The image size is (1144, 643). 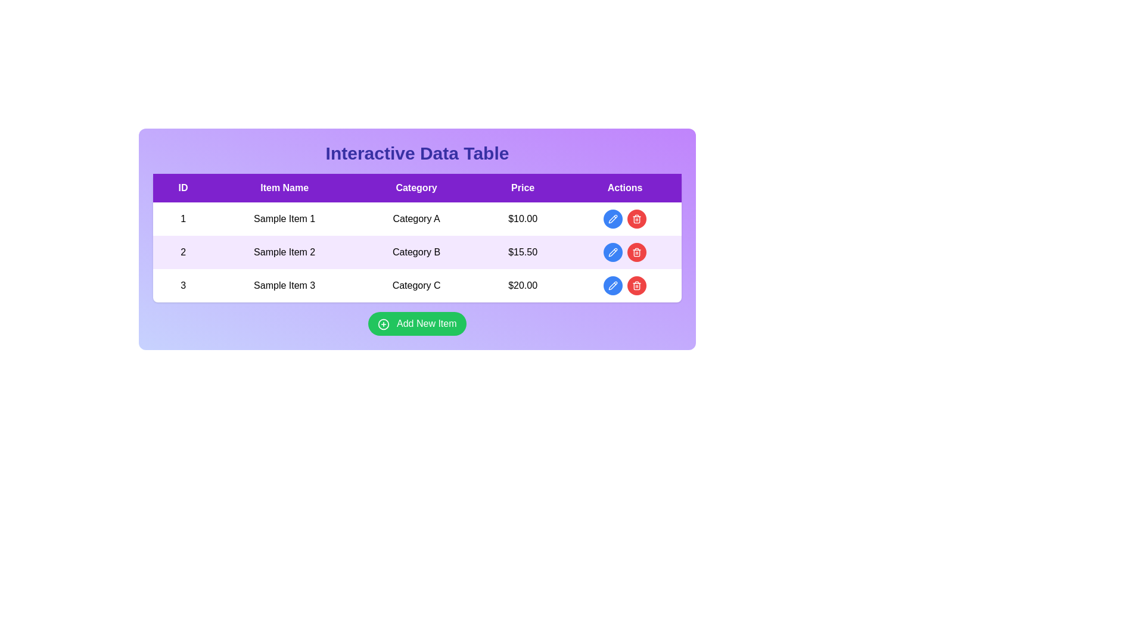 What do you see at coordinates (613, 219) in the screenshot?
I see `the blue circular icon button with a pencil graphic located in the 'Actions' column of the second row of the interactive data table` at bounding box center [613, 219].